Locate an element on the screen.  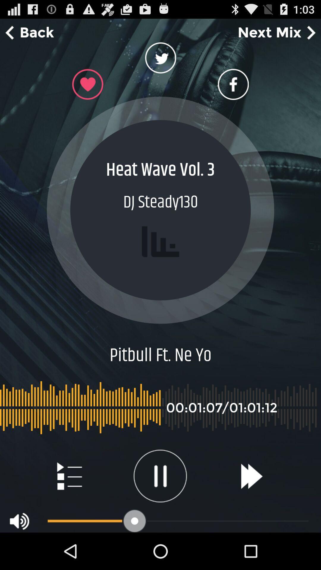
to favorites is located at coordinates (88, 84).